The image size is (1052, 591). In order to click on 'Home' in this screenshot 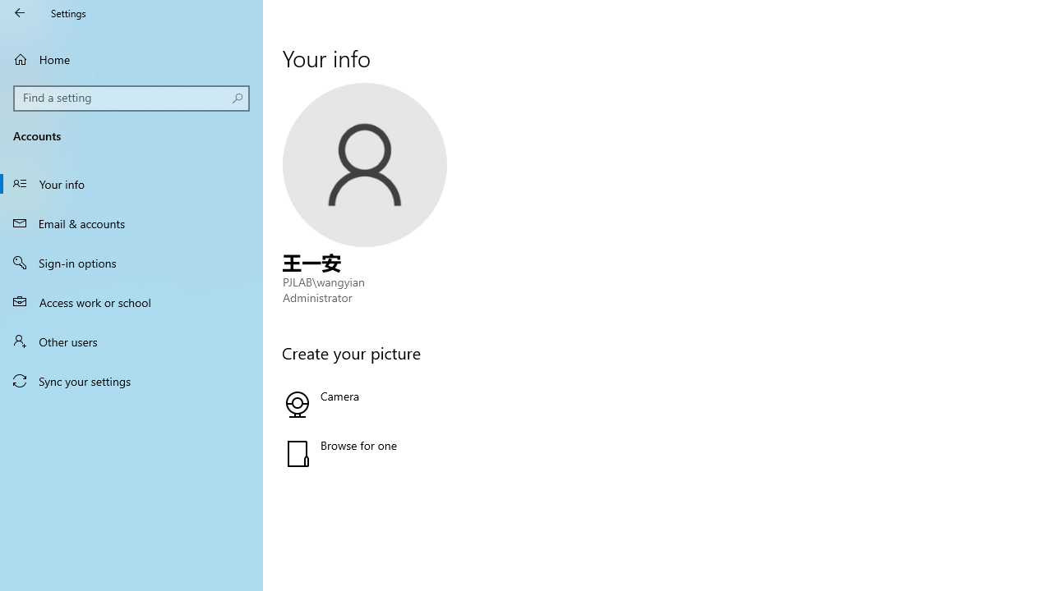, I will do `click(131, 58)`.